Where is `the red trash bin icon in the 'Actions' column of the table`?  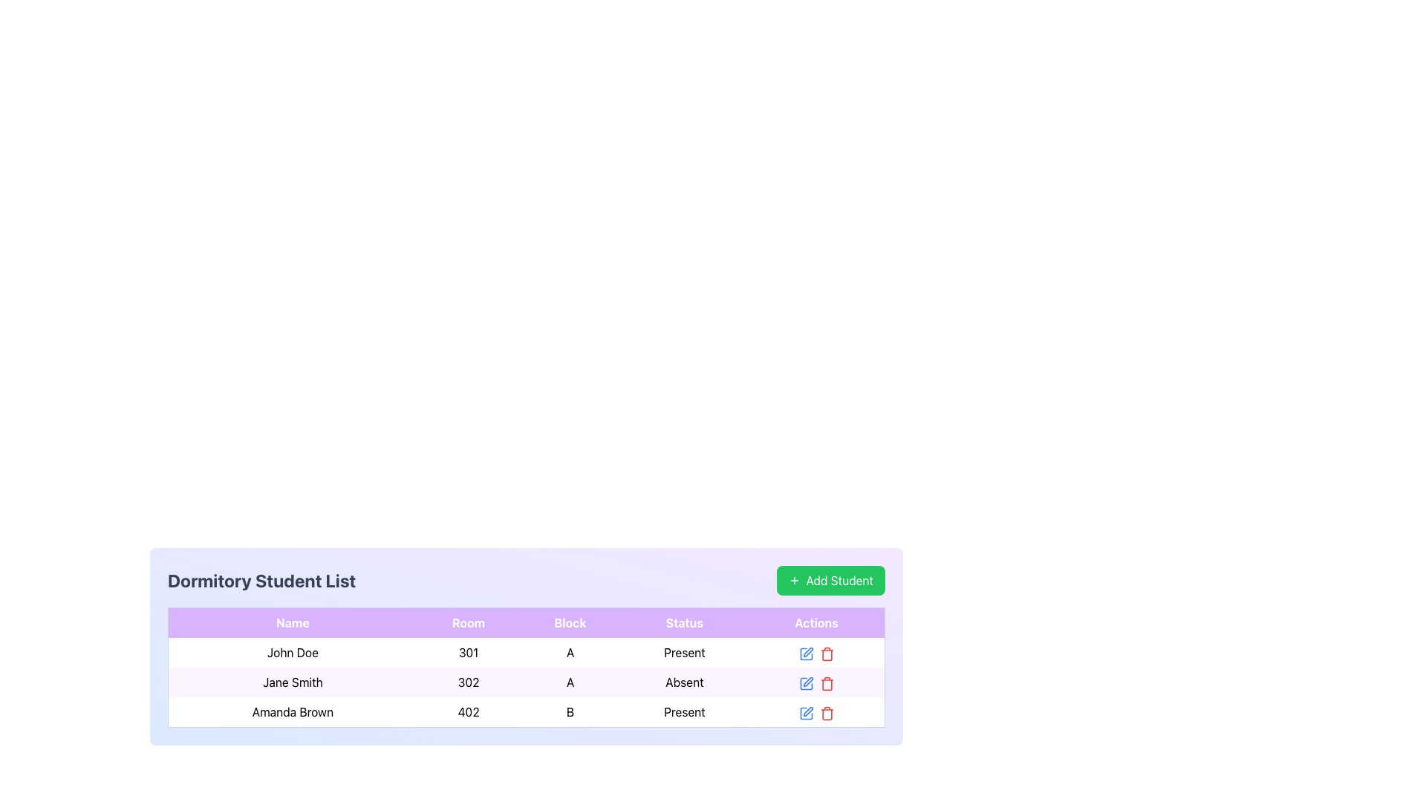
the red trash bin icon in the 'Actions' column of the table is located at coordinates (826, 682).